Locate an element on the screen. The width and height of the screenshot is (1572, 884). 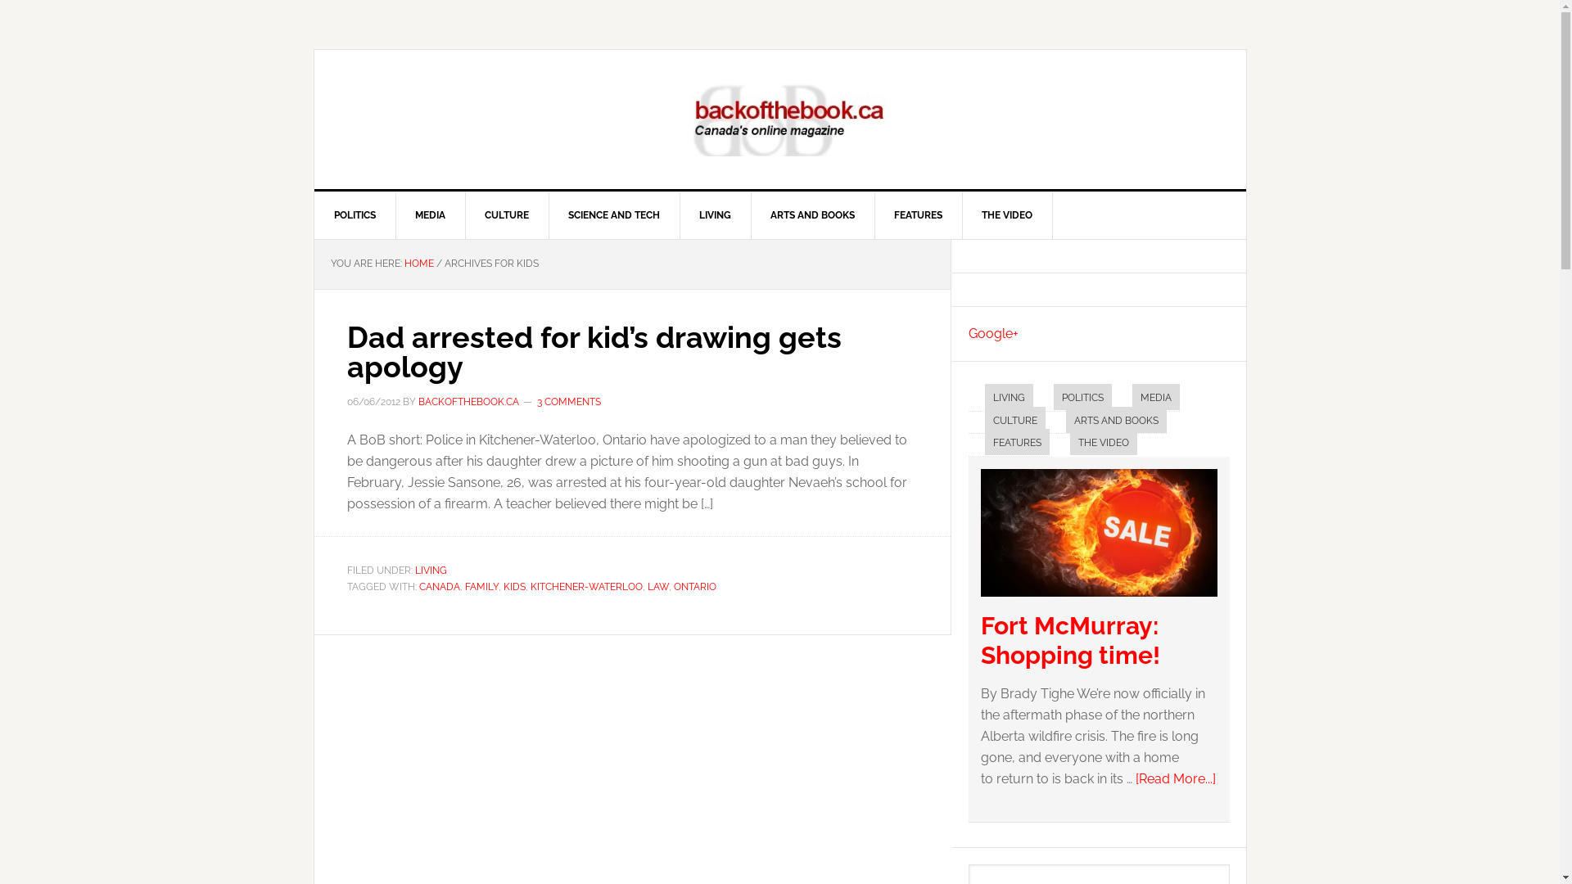
'CULTURE' is located at coordinates (506, 214).